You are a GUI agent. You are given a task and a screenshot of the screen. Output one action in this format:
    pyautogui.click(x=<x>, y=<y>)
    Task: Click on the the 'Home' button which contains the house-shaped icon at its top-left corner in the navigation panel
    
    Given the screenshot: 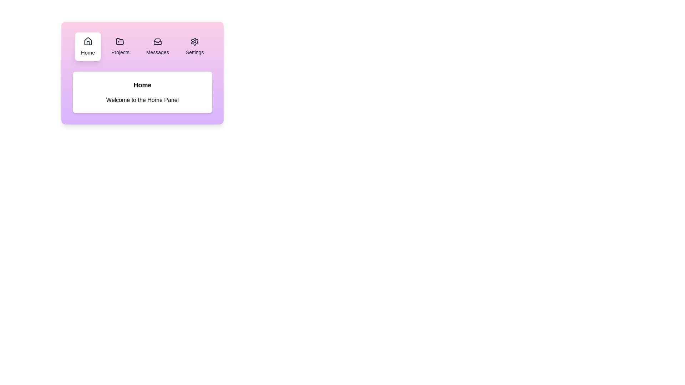 What is the action you would take?
    pyautogui.click(x=87, y=41)
    